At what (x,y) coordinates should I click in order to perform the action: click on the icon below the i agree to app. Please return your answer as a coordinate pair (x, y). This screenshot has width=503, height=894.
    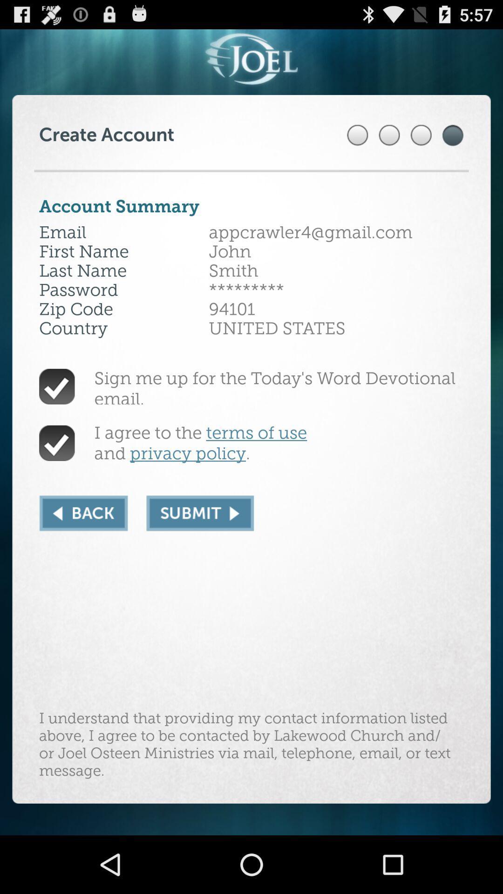
    Looking at the image, I should click on (83, 513).